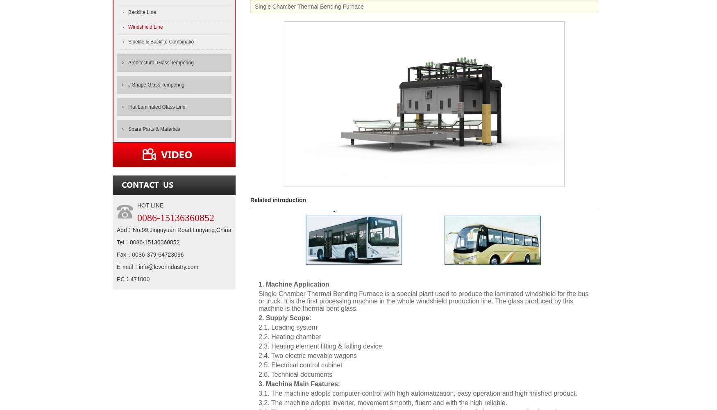 The image size is (717, 410). I want to click on 'Tel：0086-15136360852', so click(150, 242).